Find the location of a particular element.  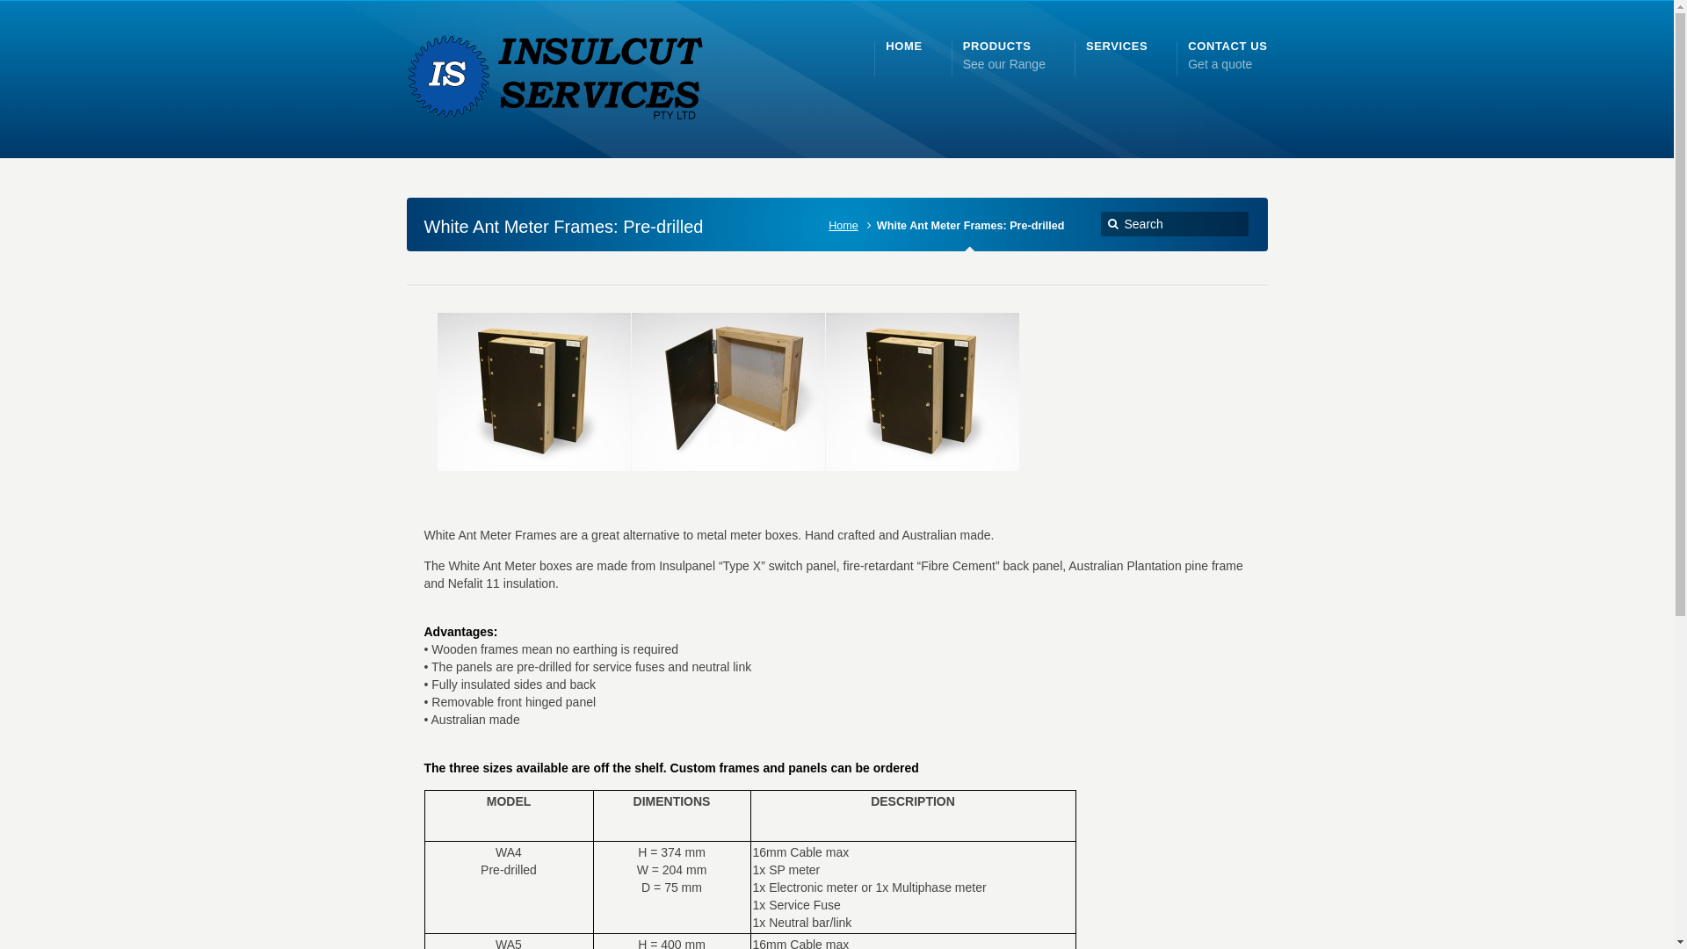

'PRODUCTS is located at coordinates (1003, 53).